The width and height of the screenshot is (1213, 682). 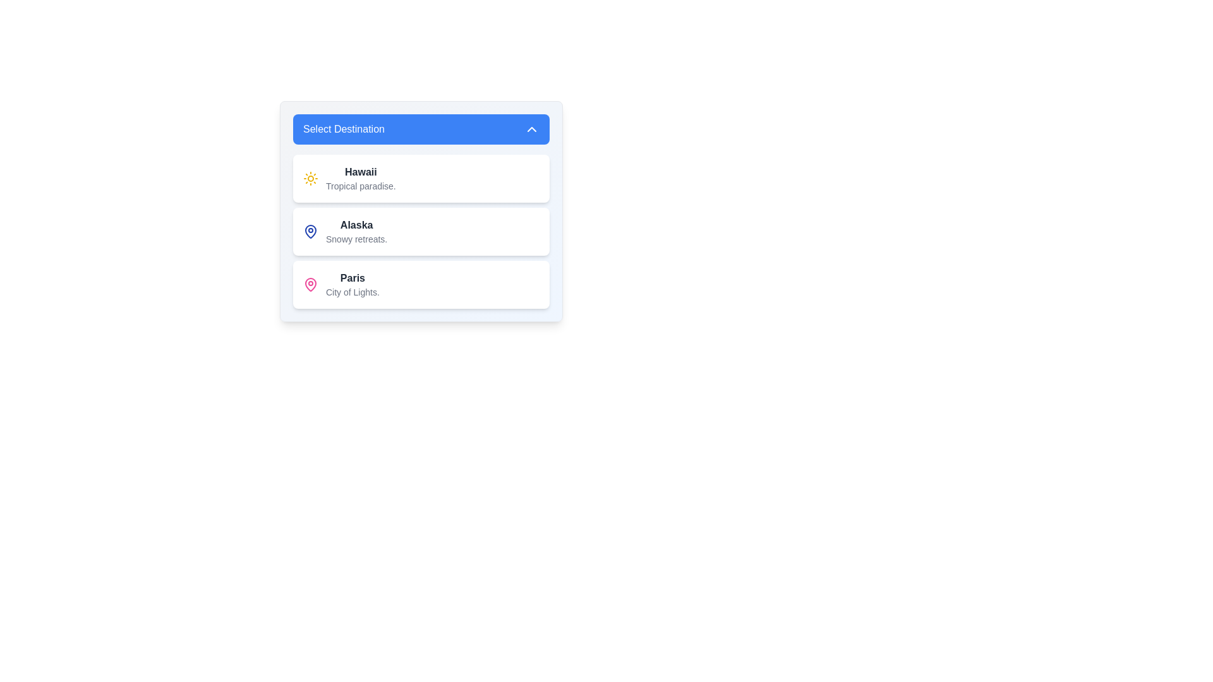 What do you see at coordinates (360, 178) in the screenshot?
I see `the first selectable option in the dropdown menu labeled 'Select Destination' to choose Hawaii as the desired destination` at bounding box center [360, 178].